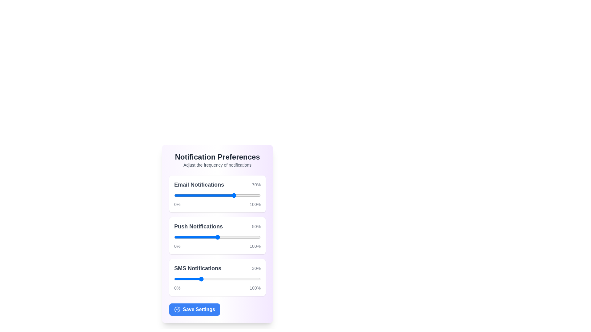 The width and height of the screenshot is (591, 332). Describe the element at coordinates (249, 279) in the screenshot. I see `SMS notification slider` at that location.